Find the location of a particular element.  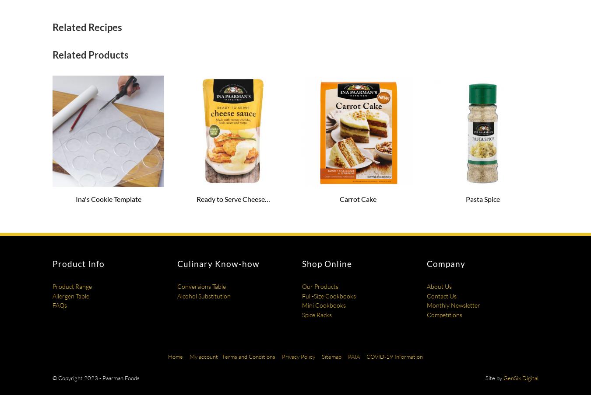

'Shop Online' is located at coordinates (326, 263).